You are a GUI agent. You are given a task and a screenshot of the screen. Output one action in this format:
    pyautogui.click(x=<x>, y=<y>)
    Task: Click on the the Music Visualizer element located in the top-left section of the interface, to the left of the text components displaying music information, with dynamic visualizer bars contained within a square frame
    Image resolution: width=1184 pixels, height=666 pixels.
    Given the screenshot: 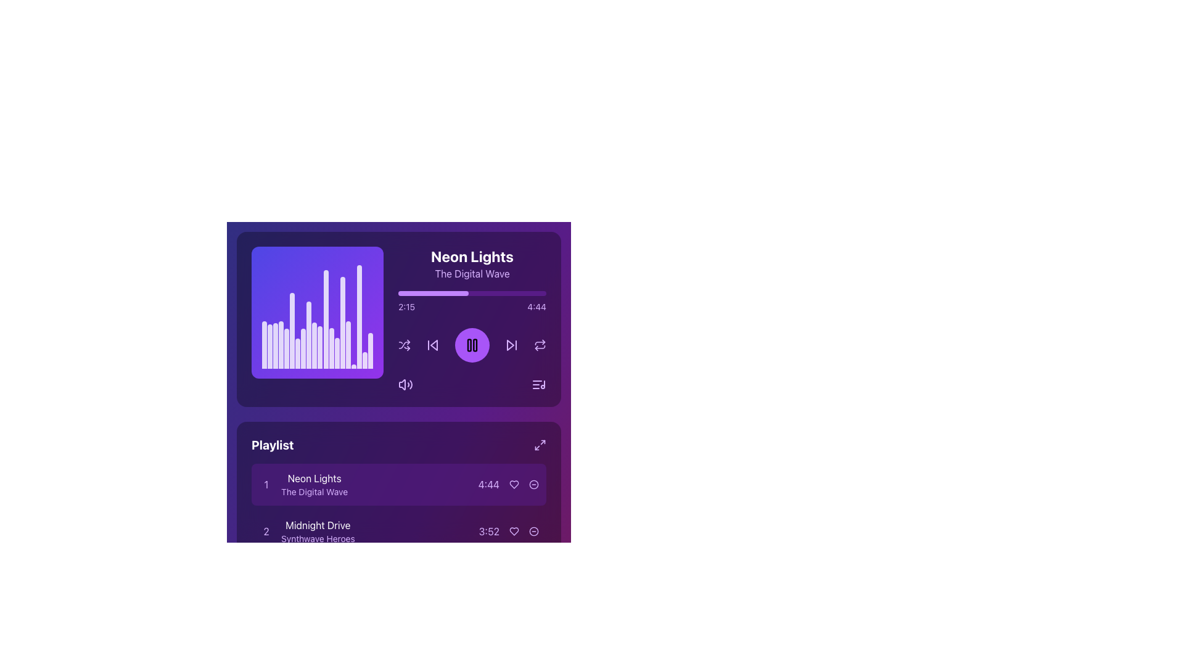 What is the action you would take?
    pyautogui.click(x=317, y=318)
    